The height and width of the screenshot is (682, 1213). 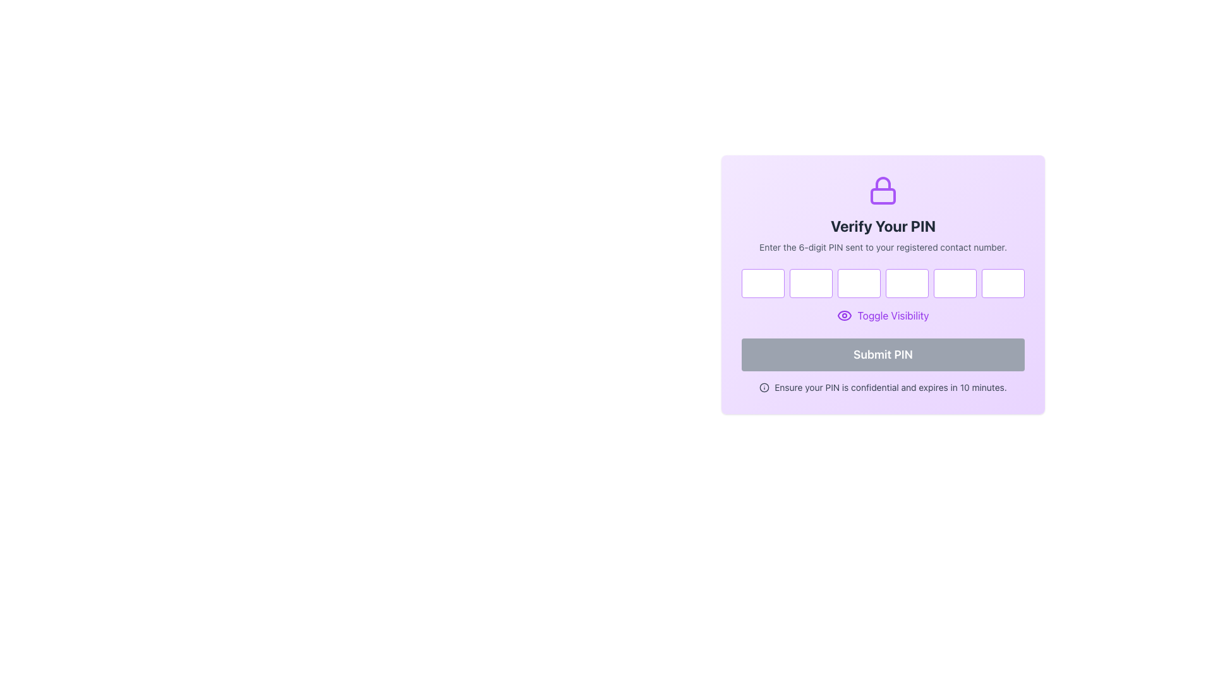 What do you see at coordinates (811, 282) in the screenshot?
I see `the second Password Input Box in the series of six, located within the purple-background modal interface, to focus it` at bounding box center [811, 282].